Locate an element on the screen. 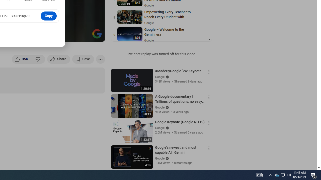 This screenshot has width=321, height=180. 'Channel watermark' is located at coordinates (97, 34).